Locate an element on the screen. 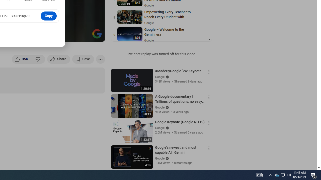 This screenshot has width=321, height=180. 'Channel watermark' is located at coordinates (97, 34).